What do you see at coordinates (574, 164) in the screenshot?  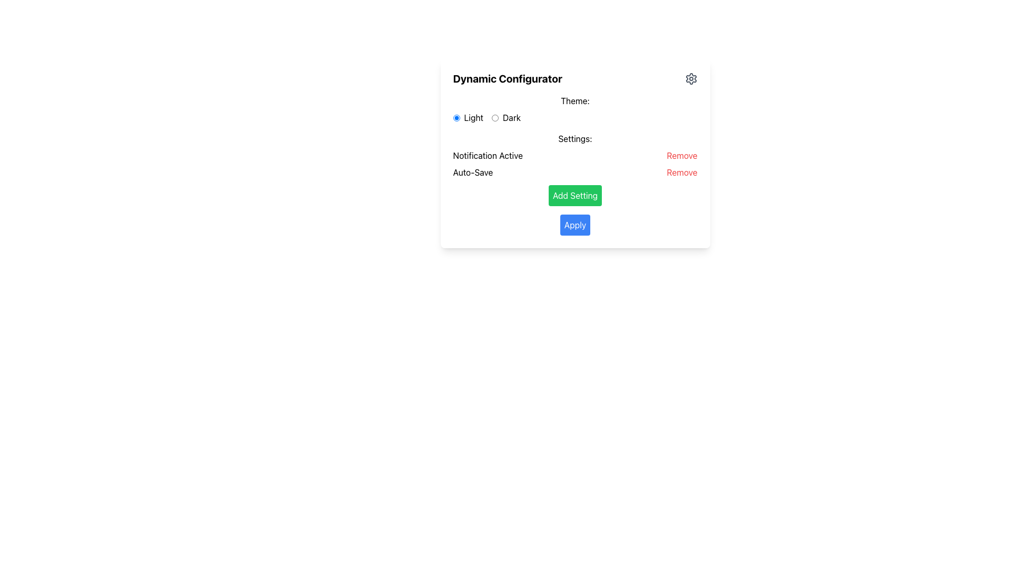 I see `the red 'Remove' link in the first row of the structured list item labeled 'Notification Active'` at bounding box center [574, 164].